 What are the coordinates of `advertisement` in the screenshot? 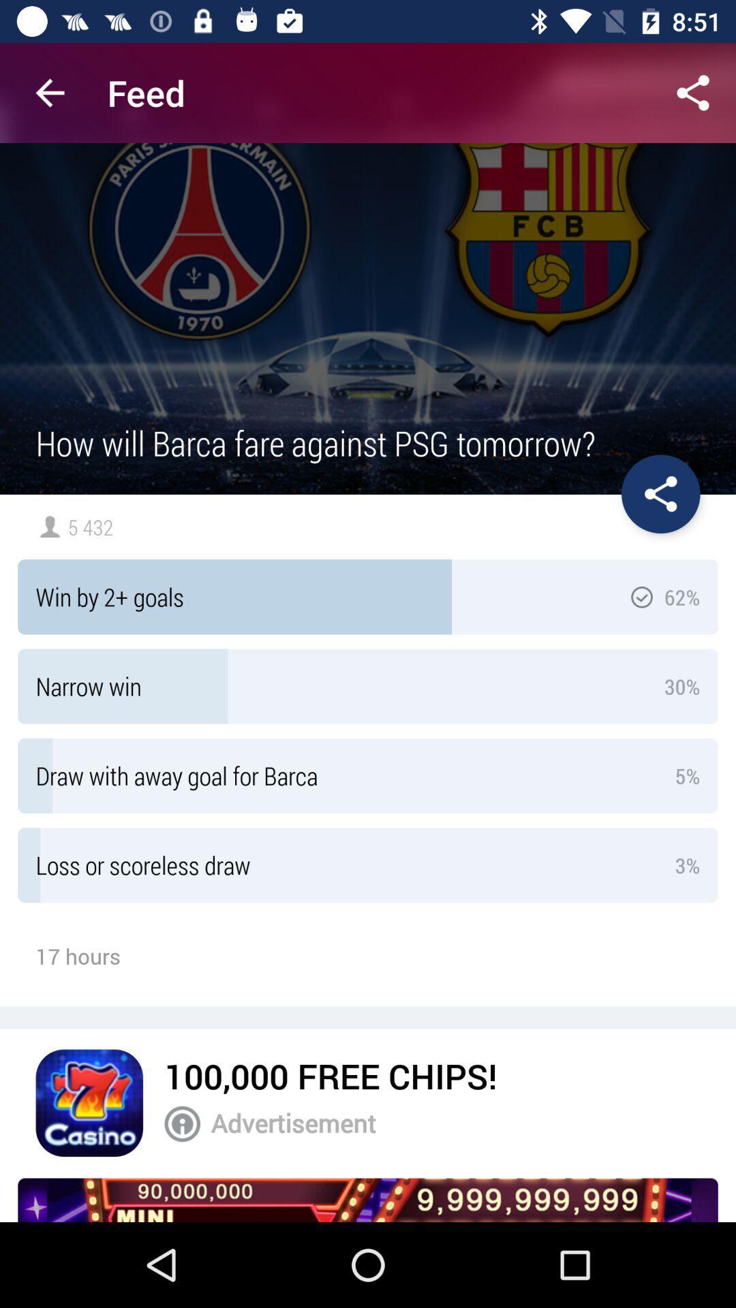 It's located at (368, 1200).